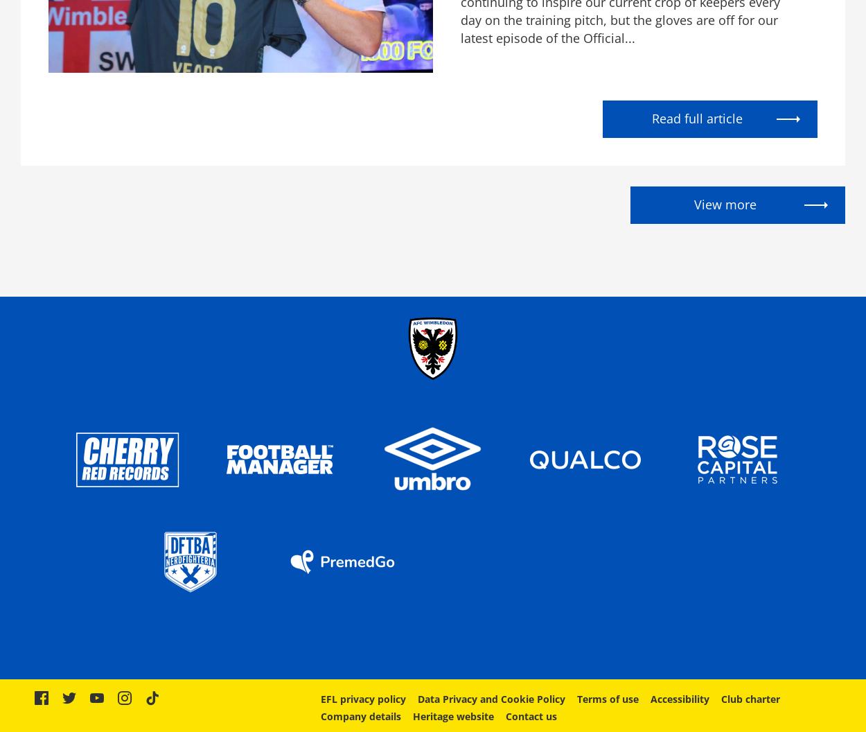 This screenshot has width=866, height=732. What do you see at coordinates (693, 204) in the screenshot?
I see `'View more'` at bounding box center [693, 204].